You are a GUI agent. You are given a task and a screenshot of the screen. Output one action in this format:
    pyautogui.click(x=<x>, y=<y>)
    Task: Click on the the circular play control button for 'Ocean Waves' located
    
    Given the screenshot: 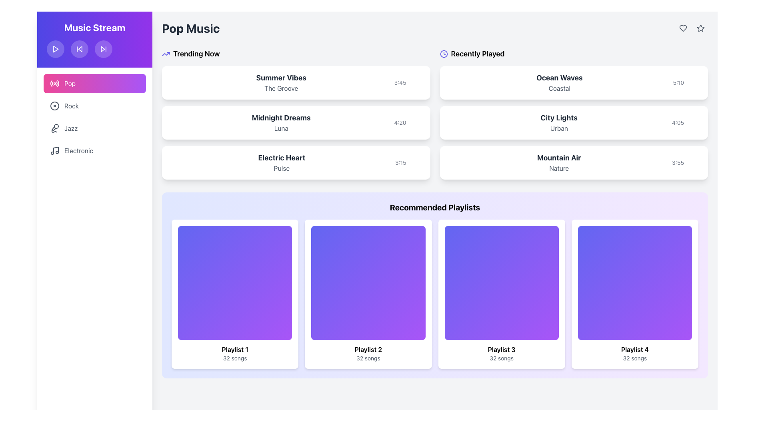 What is the action you would take?
    pyautogui.click(x=694, y=83)
    